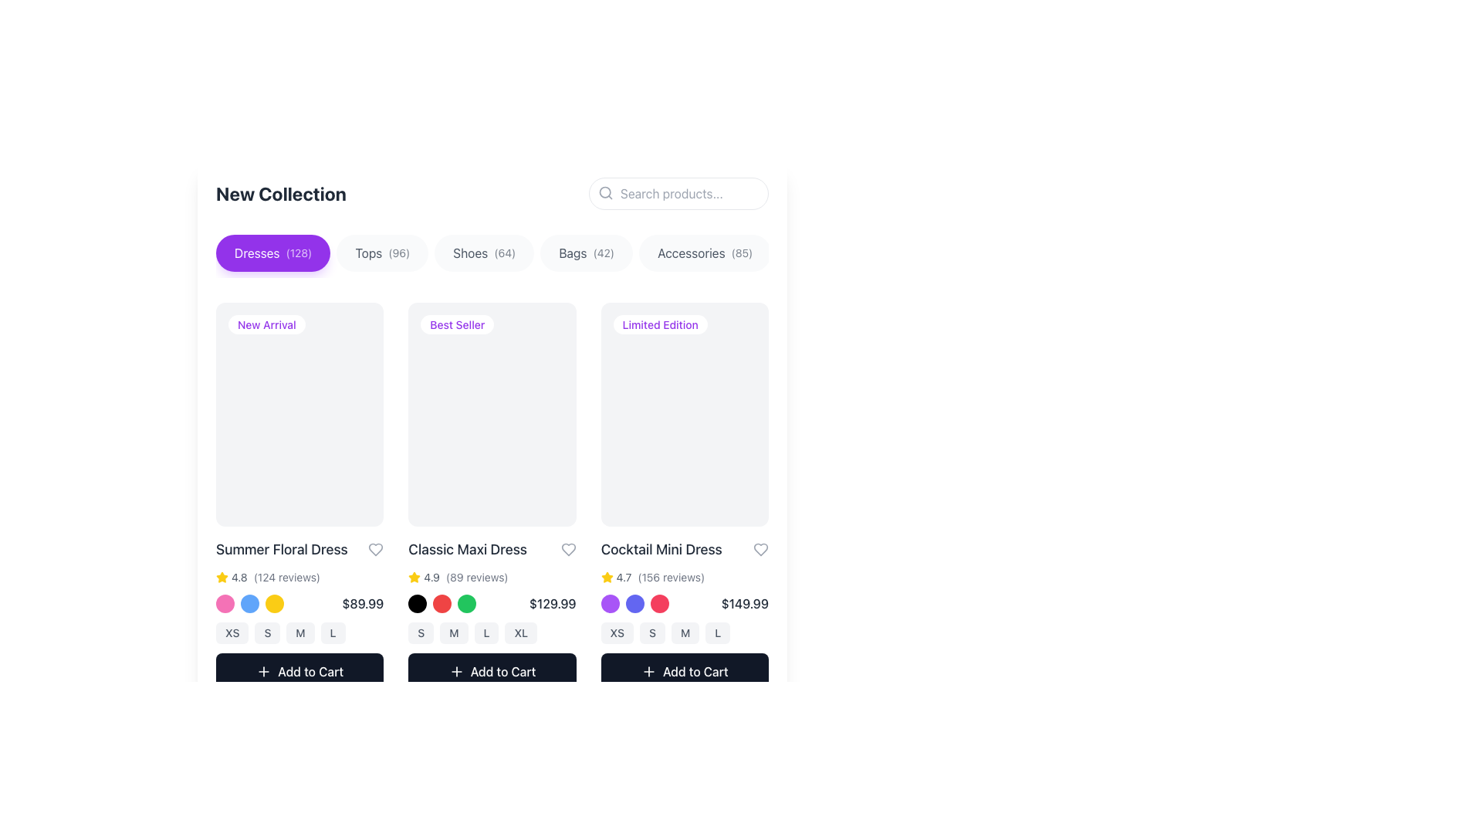  What do you see at coordinates (273, 252) in the screenshot?
I see `the first button labeled 'Dresses'` at bounding box center [273, 252].